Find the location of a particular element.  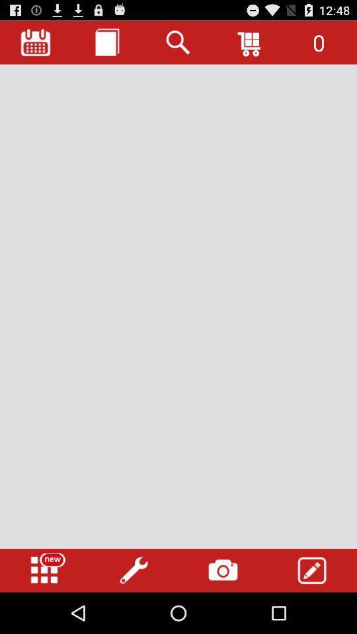

open shopping cart is located at coordinates (250, 42).